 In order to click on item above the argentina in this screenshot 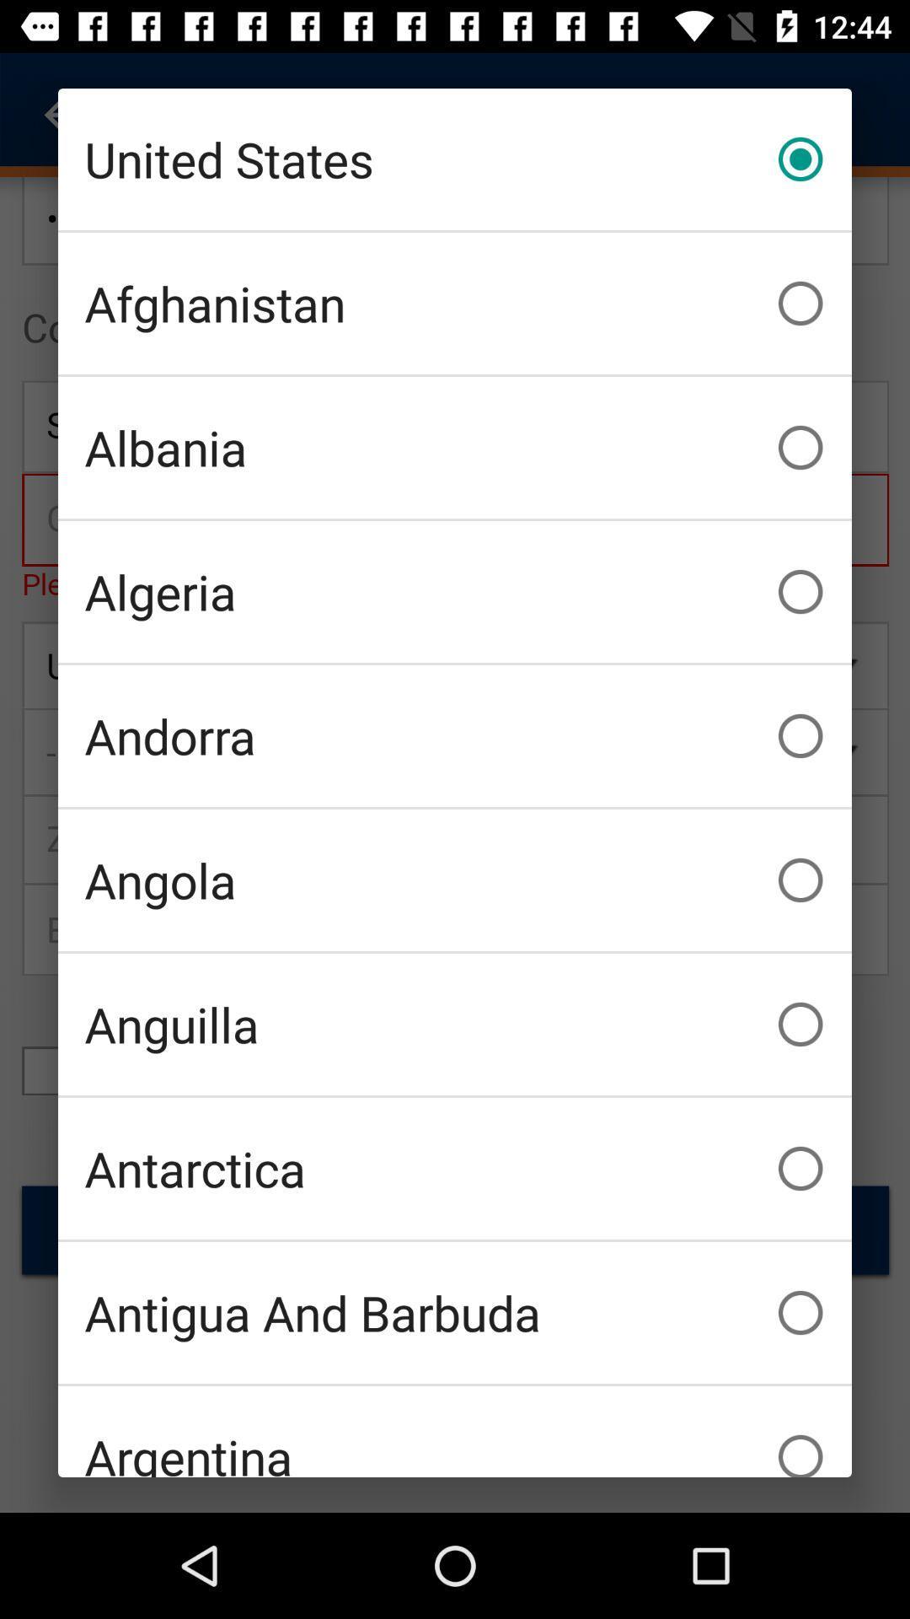, I will do `click(455, 1311)`.